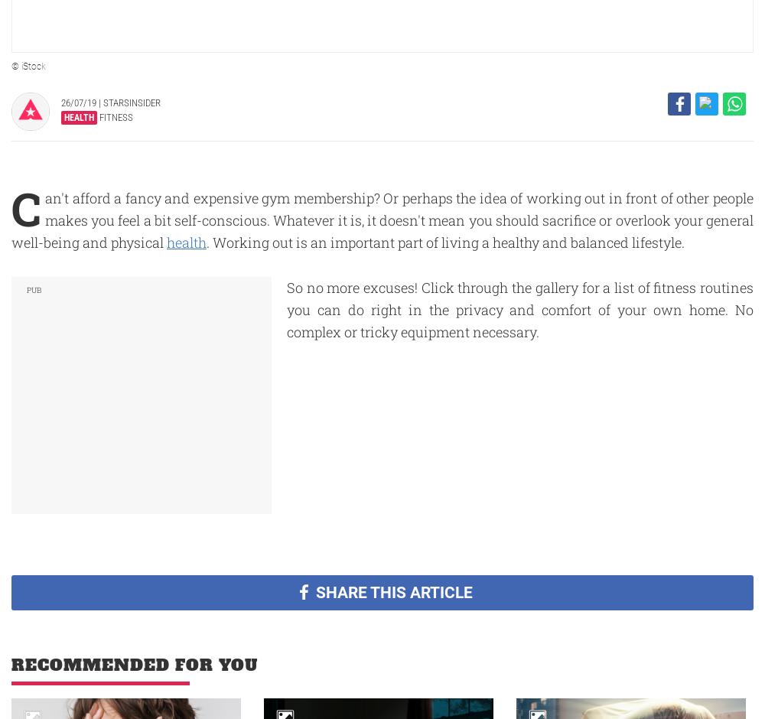 This screenshot has height=719, width=765. What do you see at coordinates (129, 102) in the screenshot?
I see `'| StarsInsider'` at bounding box center [129, 102].